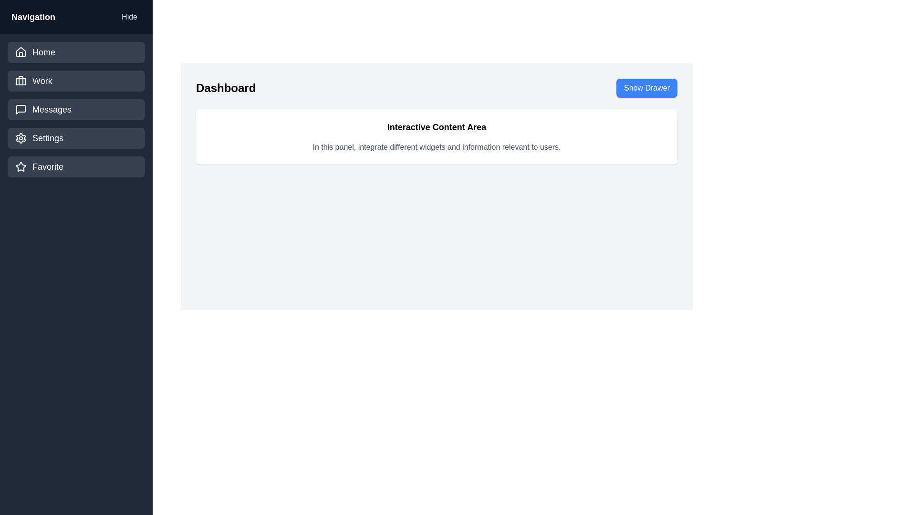 The image size is (916, 515). What do you see at coordinates (129, 17) in the screenshot?
I see `'Hide' button to toggle the visibility of the drawer` at bounding box center [129, 17].